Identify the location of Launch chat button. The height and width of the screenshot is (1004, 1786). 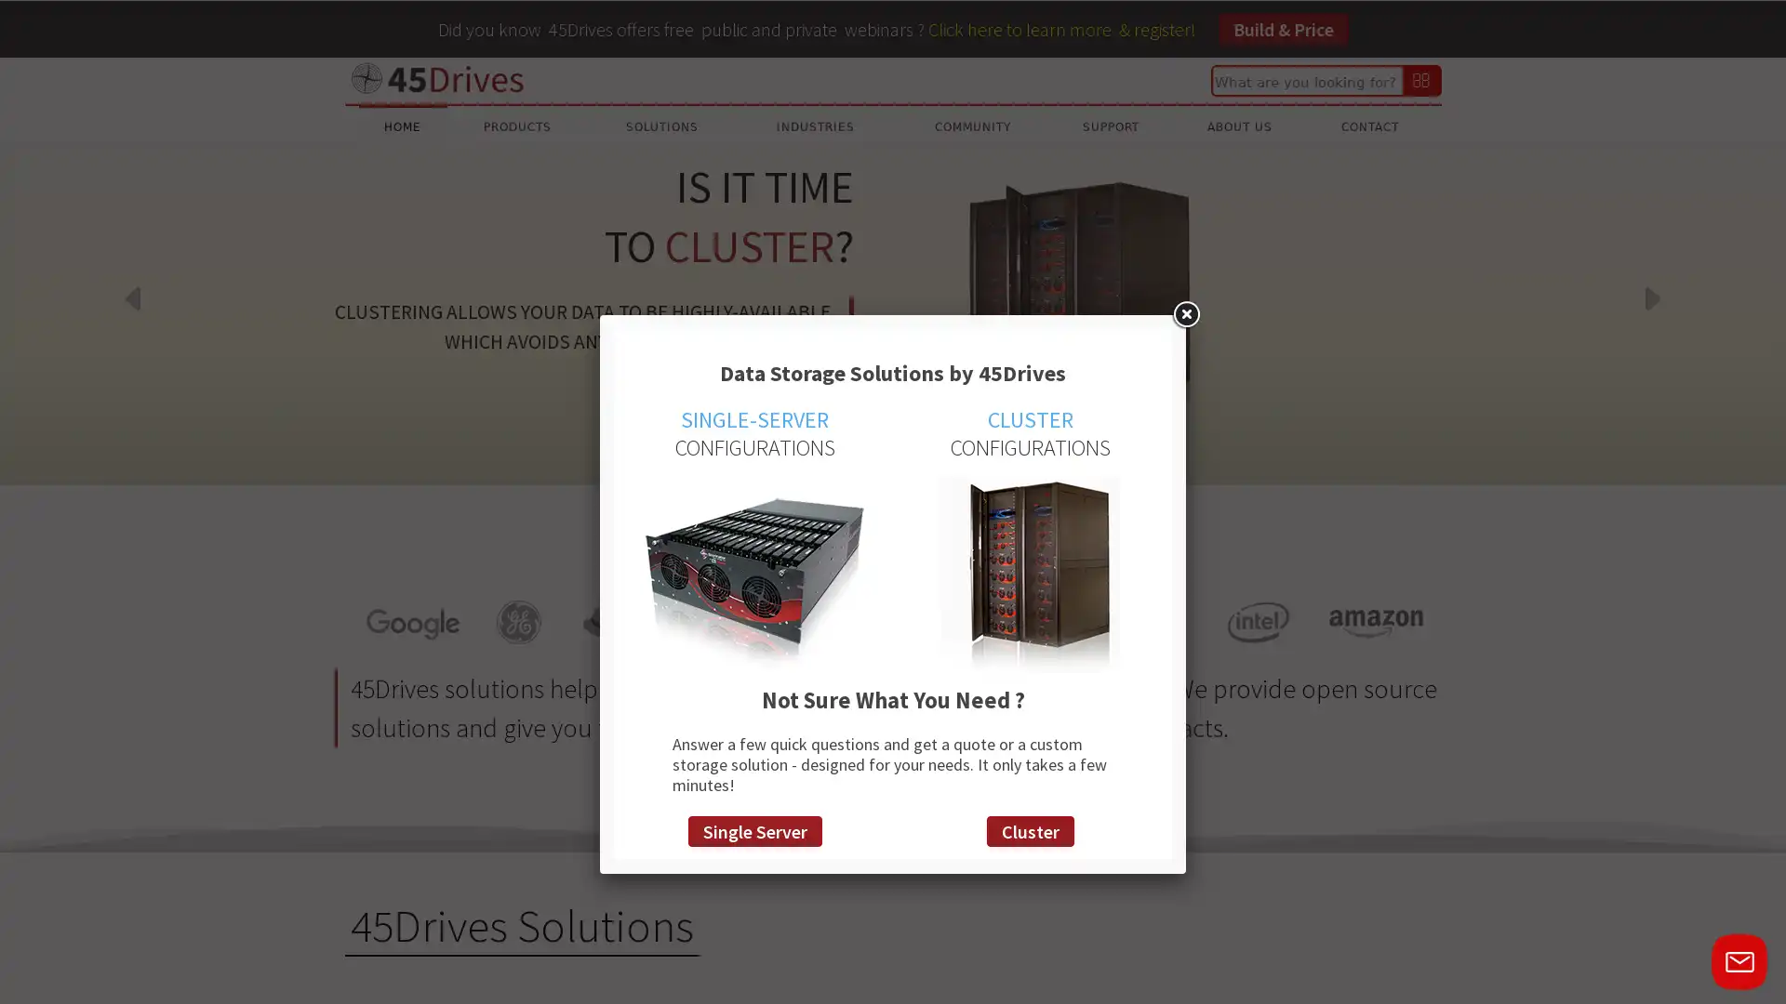
(1739, 961).